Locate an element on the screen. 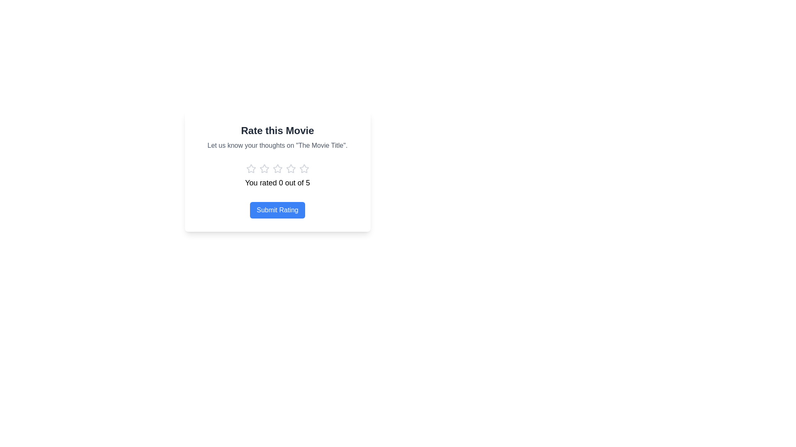  the third star icon is located at coordinates (277, 171).